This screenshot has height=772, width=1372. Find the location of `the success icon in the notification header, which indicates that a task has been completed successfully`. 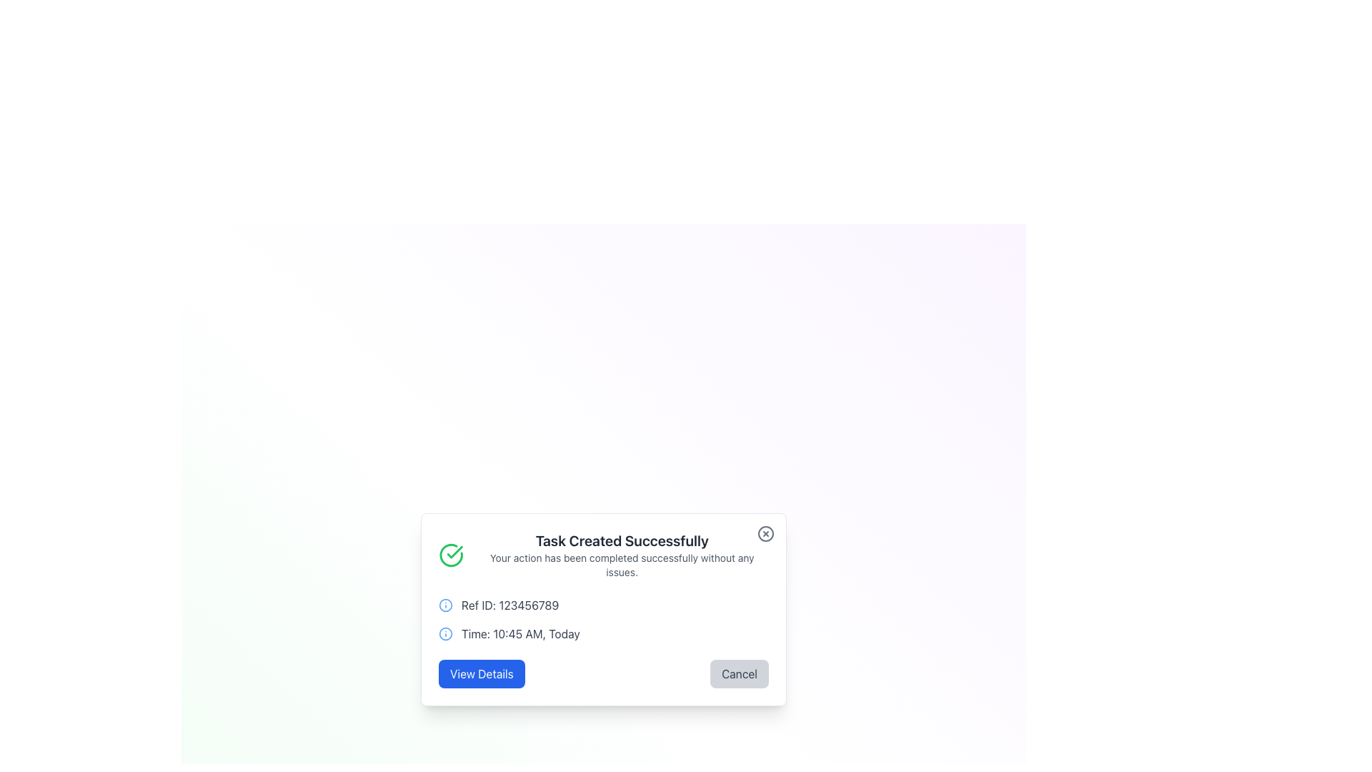

the success icon in the notification header, which indicates that a task has been completed successfully is located at coordinates (450, 554).